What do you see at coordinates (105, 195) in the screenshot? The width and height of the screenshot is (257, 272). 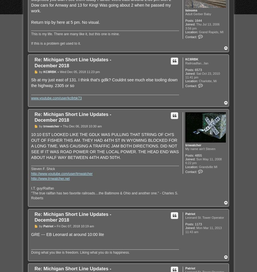 I see `'"The true railfan has two favorite railroads....the Baltimore & Ohio and another one." - Charles S. Roberts'` at bounding box center [105, 195].